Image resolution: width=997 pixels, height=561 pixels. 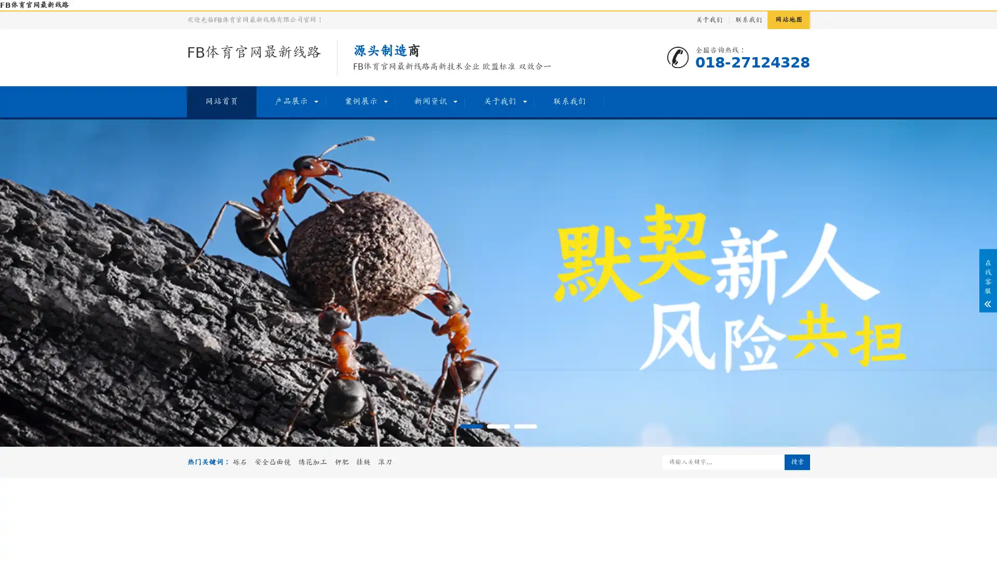 What do you see at coordinates (498, 426) in the screenshot?
I see `Go to slide 2` at bounding box center [498, 426].